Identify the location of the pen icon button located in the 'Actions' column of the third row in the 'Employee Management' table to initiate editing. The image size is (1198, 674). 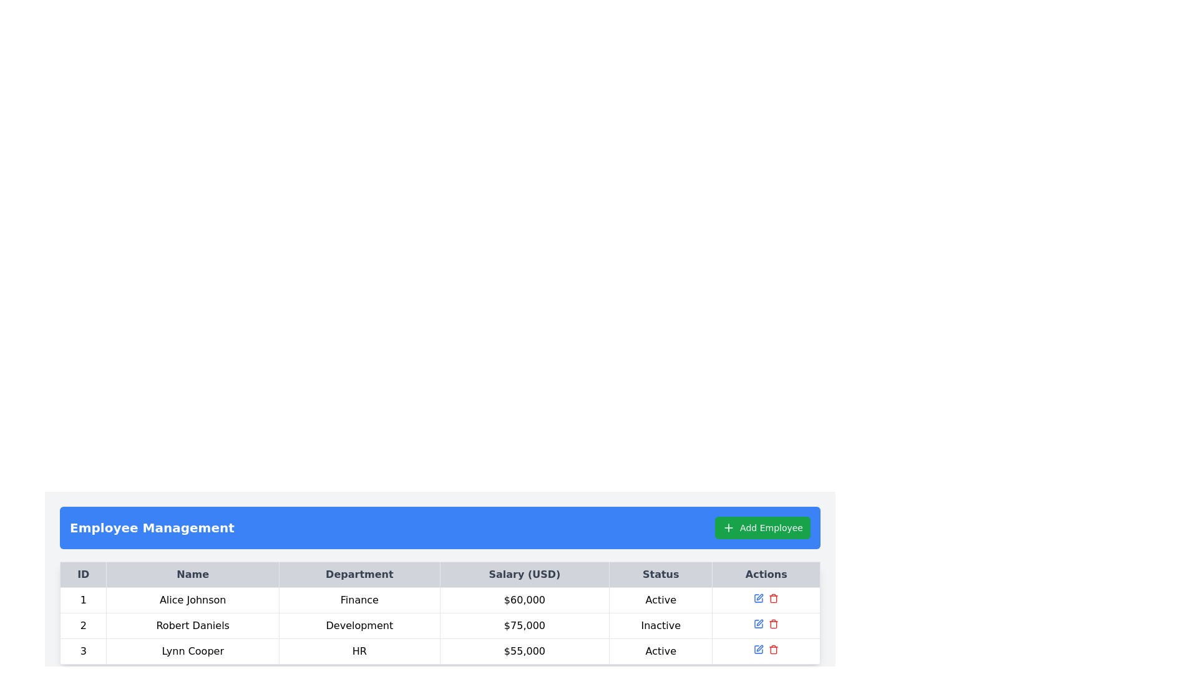
(759, 647).